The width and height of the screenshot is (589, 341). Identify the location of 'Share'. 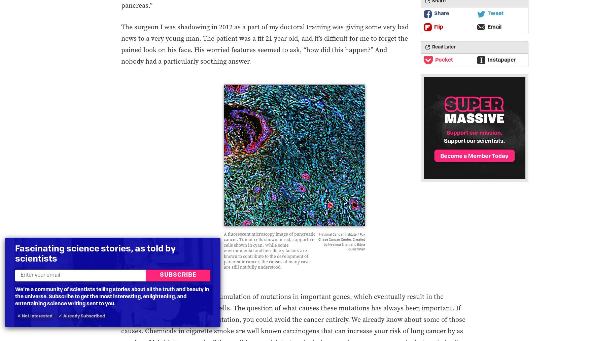
(441, 13).